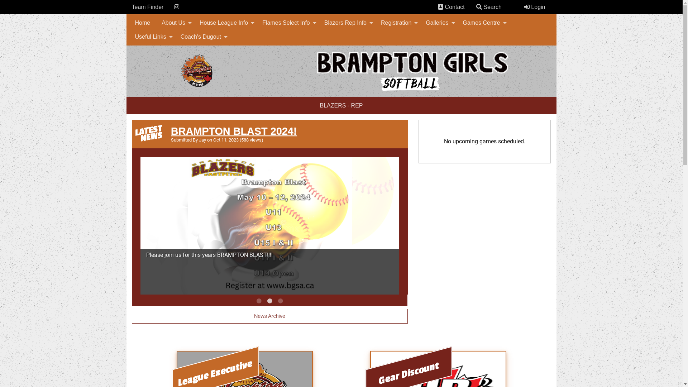 This screenshot has height=387, width=688. What do you see at coordinates (438, 23) in the screenshot?
I see `'Galleries'` at bounding box center [438, 23].